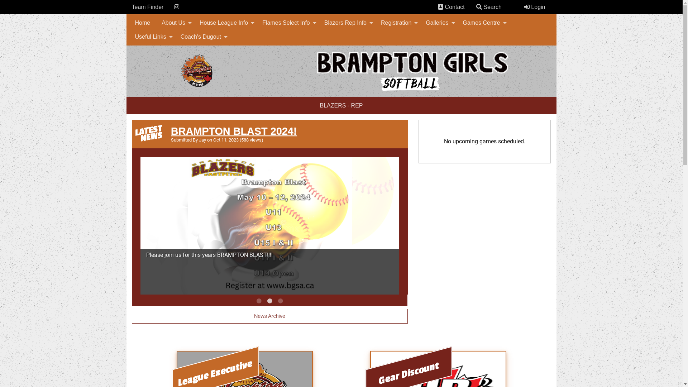 This screenshot has height=387, width=688. What do you see at coordinates (438, 23) in the screenshot?
I see `'Galleries'` at bounding box center [438, 23].